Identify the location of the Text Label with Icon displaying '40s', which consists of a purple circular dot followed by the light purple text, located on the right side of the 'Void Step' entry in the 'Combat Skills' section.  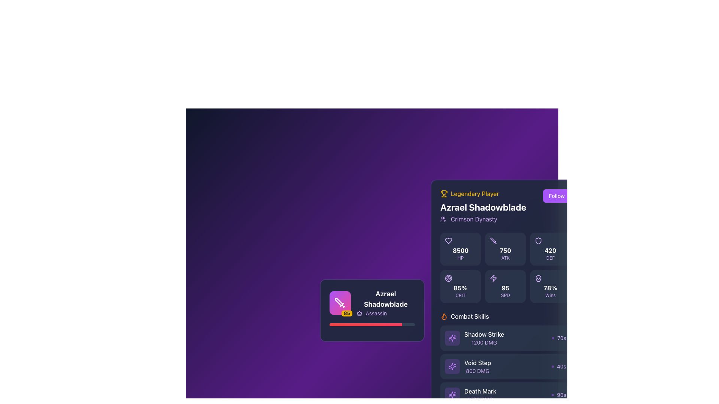
(559, 366).